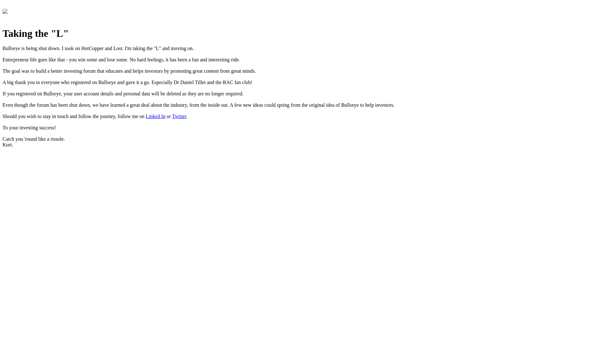 Image resolution: width=604 pixels, height=340 pixels. I want to click on 'Linked In', so click(155, 116).